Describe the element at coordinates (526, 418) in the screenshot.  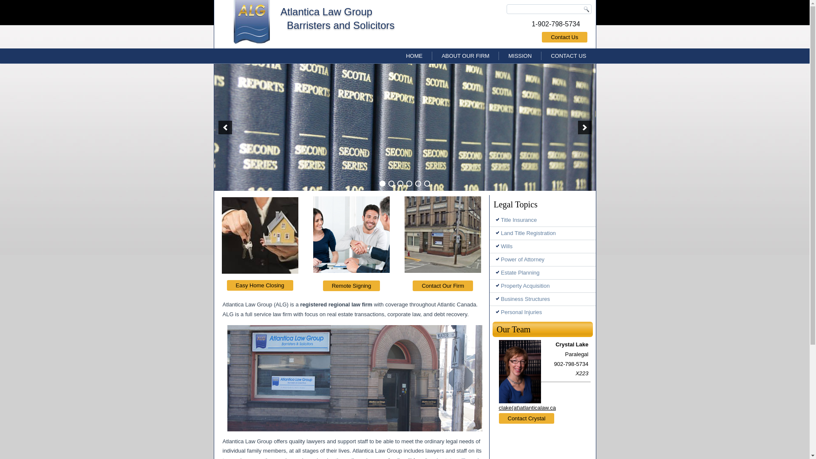
I see `'Contact Crystal'` at that location.